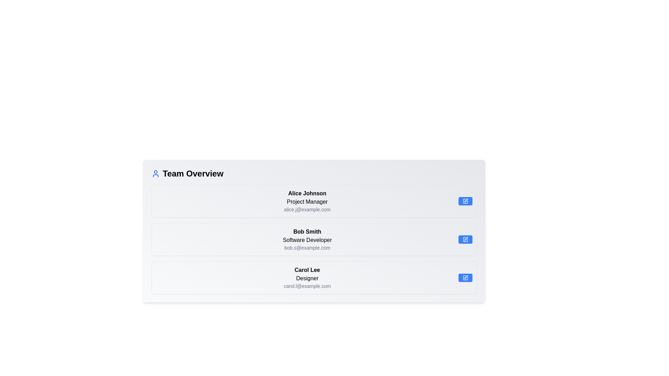 The height and width of the screenshot is (376, 669). What do you see at coordinates (307, 248) in the screenshot?
I see `the Text element displaying the email address 'bob.s@example.com' which is centrally aligned below the job title 'Software Developer' for Bob Smith` at bounding box center [307, 248].